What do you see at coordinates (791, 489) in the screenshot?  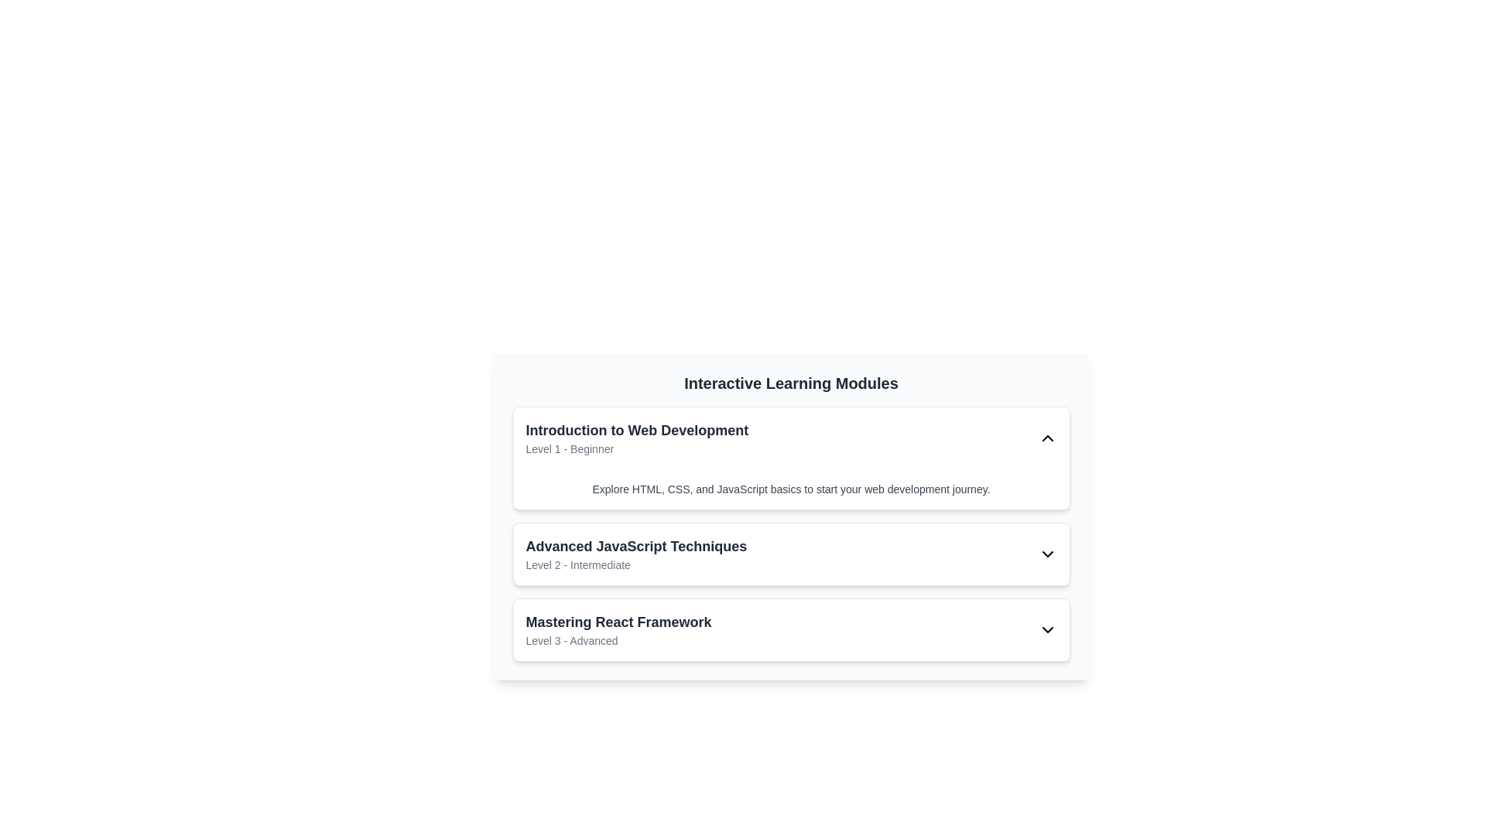 I see `descriptive text snippet styled in a smaller, light gray font that is centered below the title 'Introduction to Web Development.'` at bounding box center [791, 489].